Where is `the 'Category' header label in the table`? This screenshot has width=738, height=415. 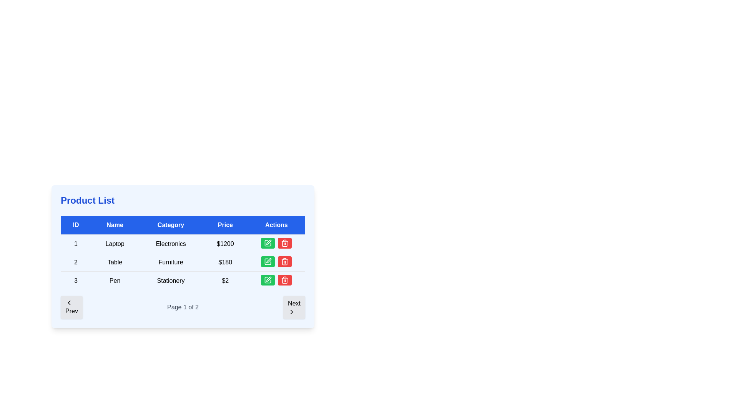
the 'Category' header label in the table is located at coordinates (170, 225).